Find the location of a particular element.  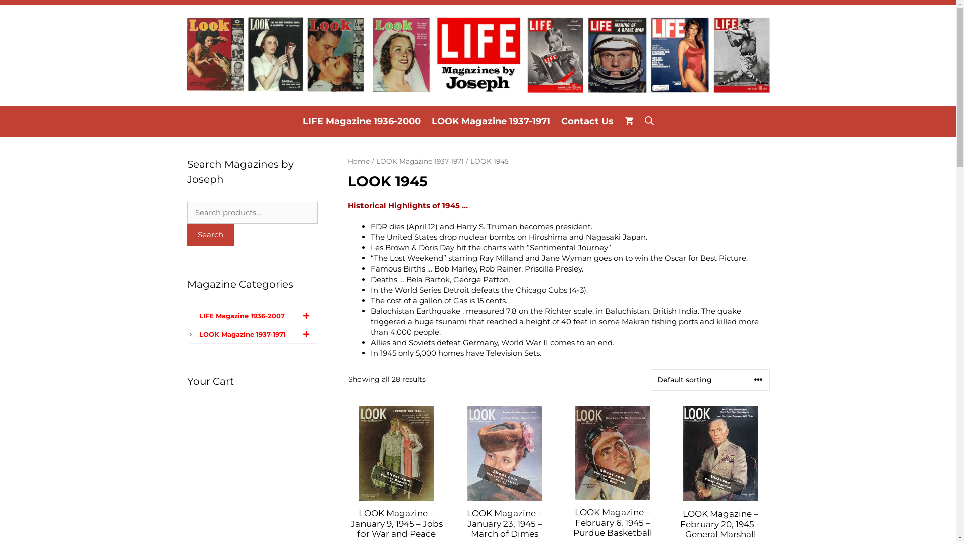

'Contact Us' is located at coordinates (555, 121).